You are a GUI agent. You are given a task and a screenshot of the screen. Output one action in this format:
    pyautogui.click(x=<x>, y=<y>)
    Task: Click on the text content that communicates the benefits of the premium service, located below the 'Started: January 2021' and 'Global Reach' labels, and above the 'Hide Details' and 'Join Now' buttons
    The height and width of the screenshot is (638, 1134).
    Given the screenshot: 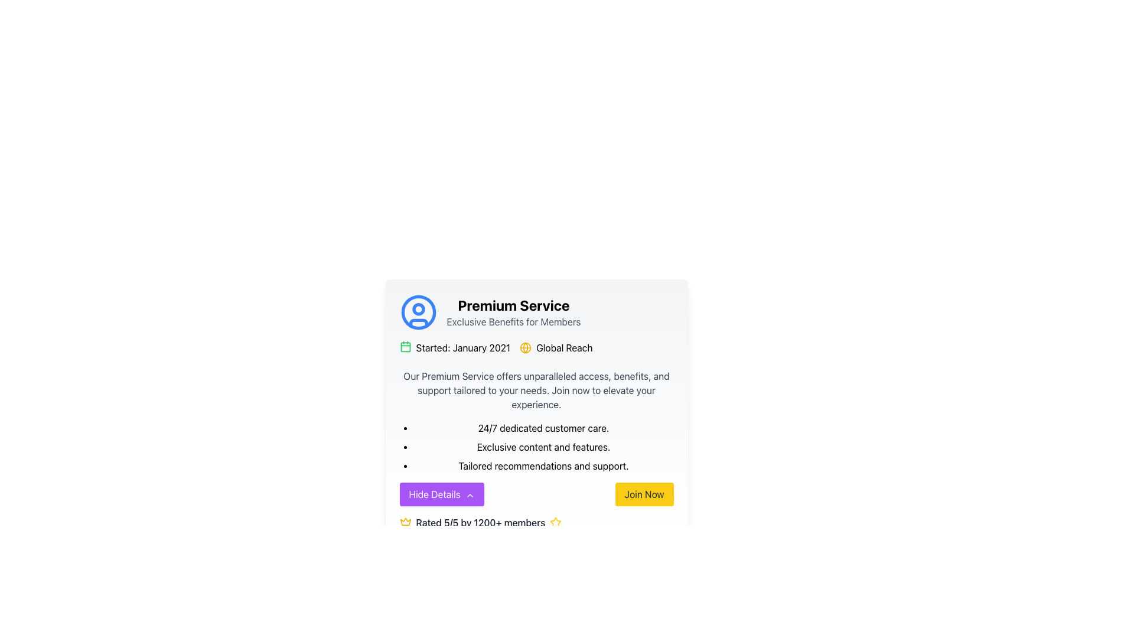 What is the action you would take?
    pyautogui.click(x=536, y=421)
    